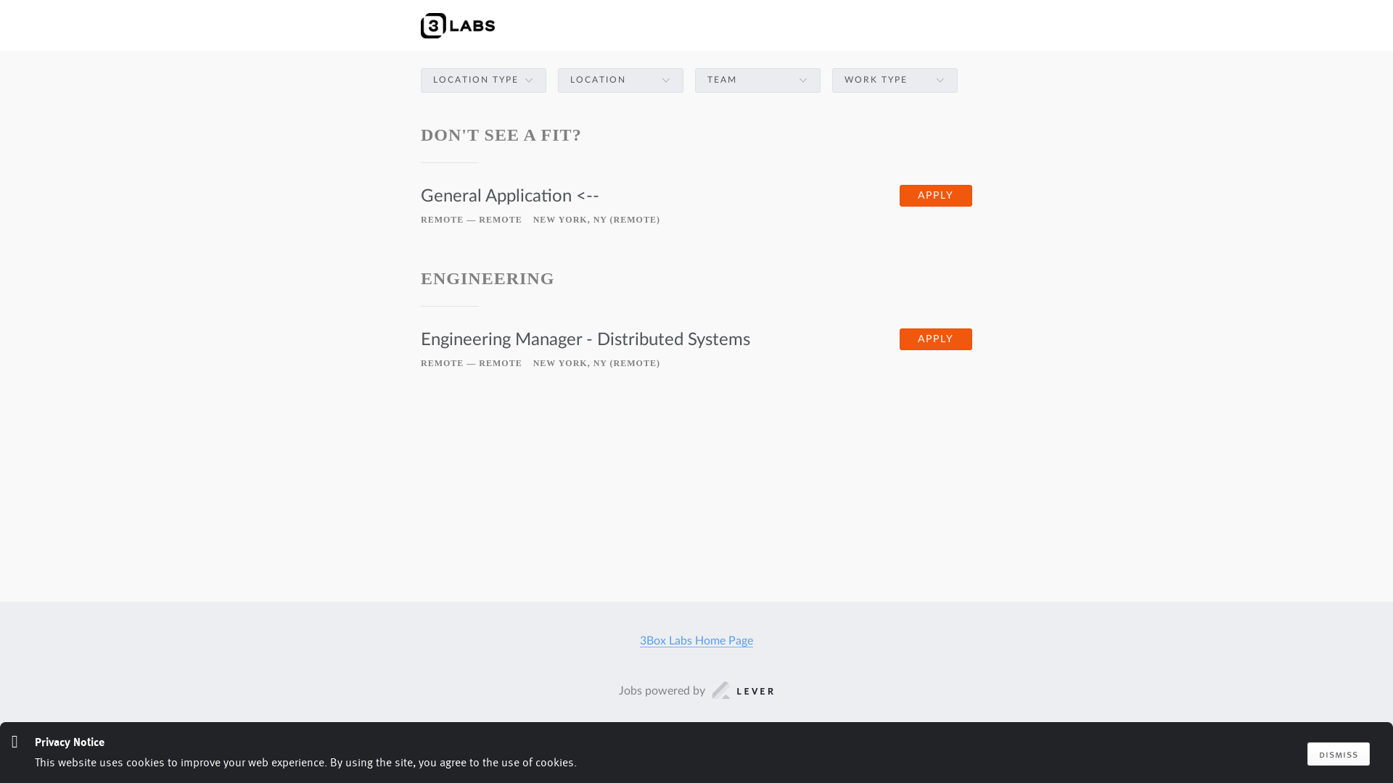 The image size is (1393, 783). Describe the element at coordinates (936, 196) in the screenshot. I see `'APPLY'` at that location.